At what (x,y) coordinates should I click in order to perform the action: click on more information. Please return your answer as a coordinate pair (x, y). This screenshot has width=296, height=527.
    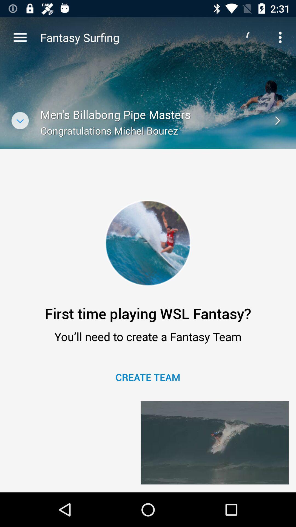
    Looking at the image, I should click on (20, 120).